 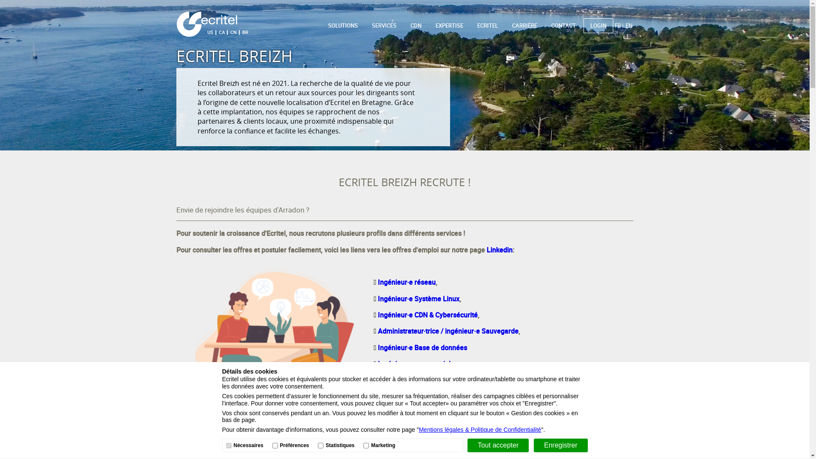 I want to click on 'SOLUTIONS', so click(x=343, y=25).